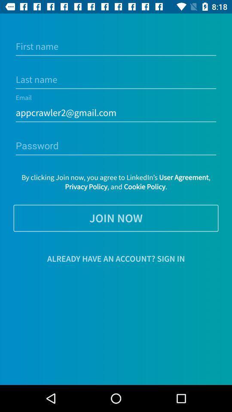 Image resolution: width=232 pixels, height=412 pixels. I want to click on the item below the join now, so click(116, 258).